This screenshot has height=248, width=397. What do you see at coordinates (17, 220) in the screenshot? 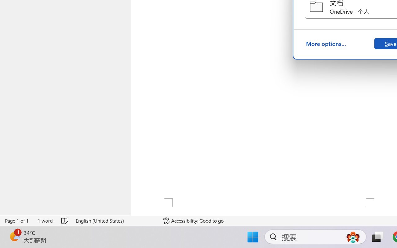
I see `'Page Number Page 1 of 1'` at bounding box center [17, 220].